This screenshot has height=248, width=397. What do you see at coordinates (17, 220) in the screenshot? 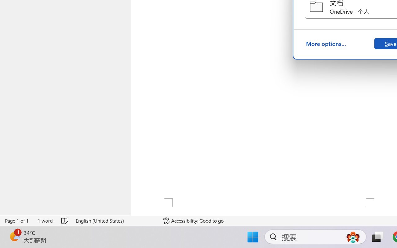
I see `'Page Number Page 1 of 1'` at bounding box center [17, 220].